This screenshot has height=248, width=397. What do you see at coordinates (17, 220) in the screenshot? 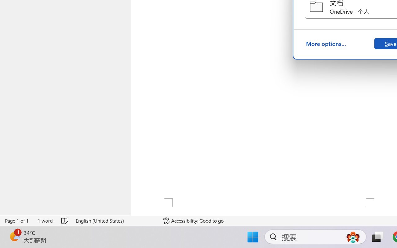
I see `'Page Number Page 1 of 1'` at bounding box center [17, 220].